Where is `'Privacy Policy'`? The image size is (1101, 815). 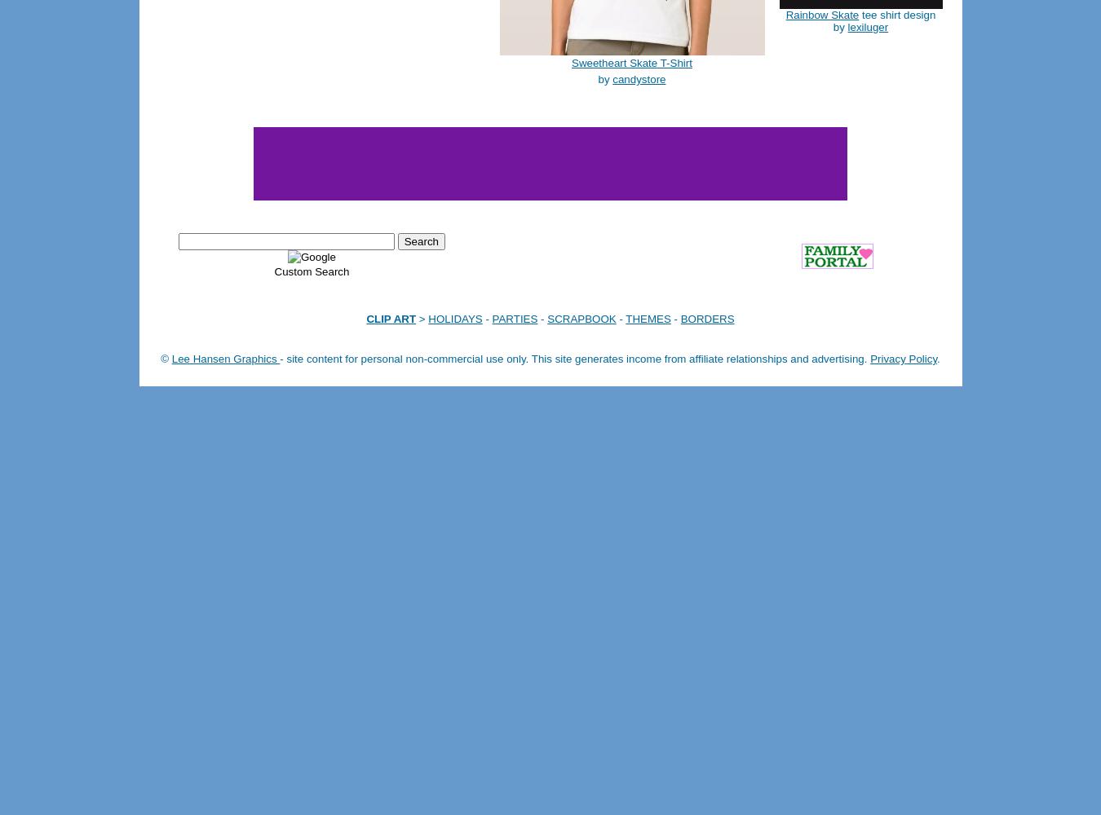 'Privacy Policy' is located at coordinates (903, 358).